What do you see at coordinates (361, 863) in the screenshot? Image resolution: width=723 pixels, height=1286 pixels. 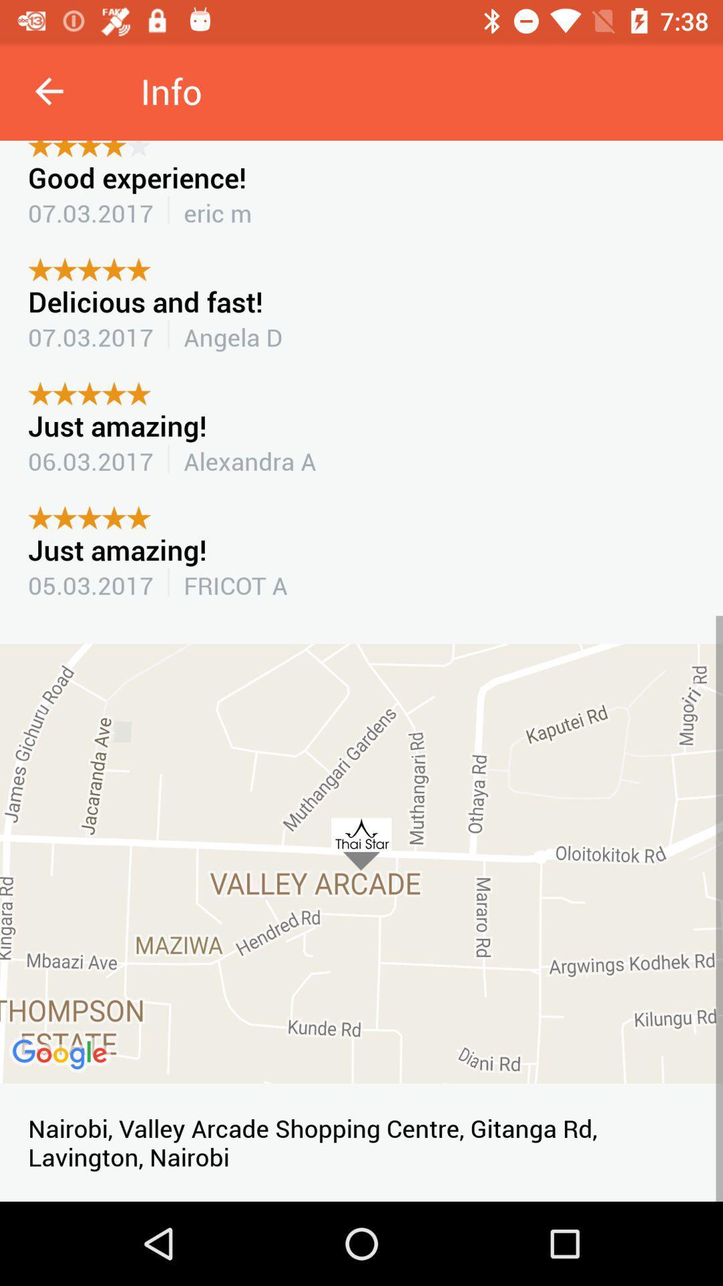 I see `icon above nairobi valley arcade item` at bounding box center [361, 863].